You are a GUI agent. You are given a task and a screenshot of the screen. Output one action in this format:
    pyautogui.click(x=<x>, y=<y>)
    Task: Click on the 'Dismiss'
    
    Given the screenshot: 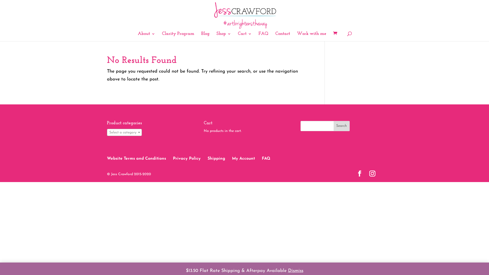 What is the action you would take?
    pyautogui.click(x=295, y=270)
    